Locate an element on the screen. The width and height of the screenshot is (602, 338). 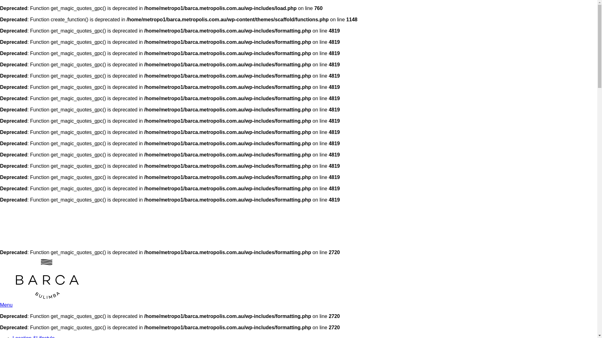
'Menu' is located at coordinates (6, 305).